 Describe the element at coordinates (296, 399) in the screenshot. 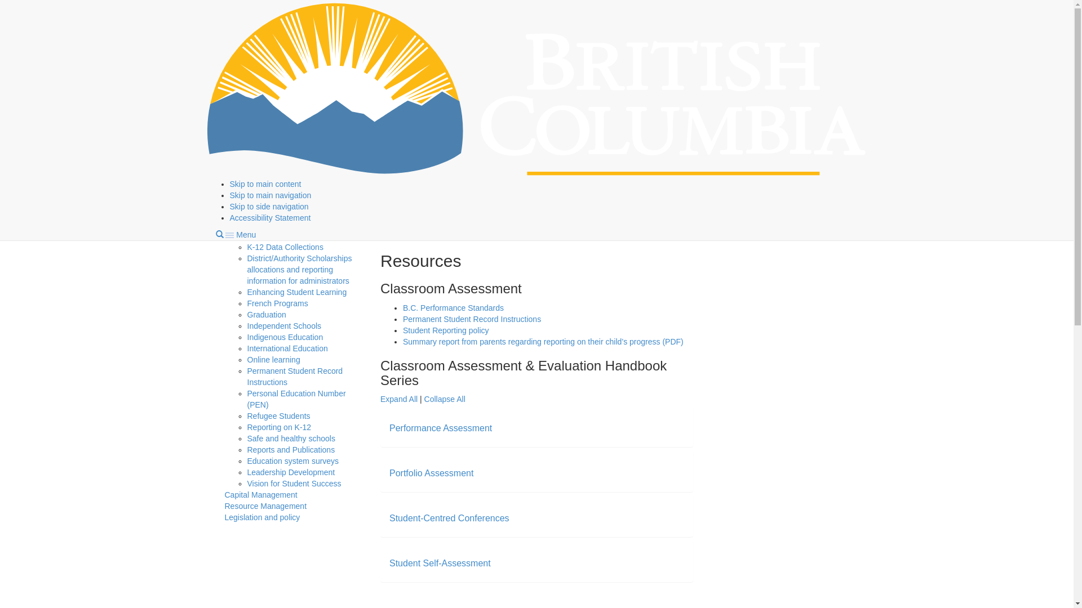

I see `'Personal Education Number (PEN)'` at that location.